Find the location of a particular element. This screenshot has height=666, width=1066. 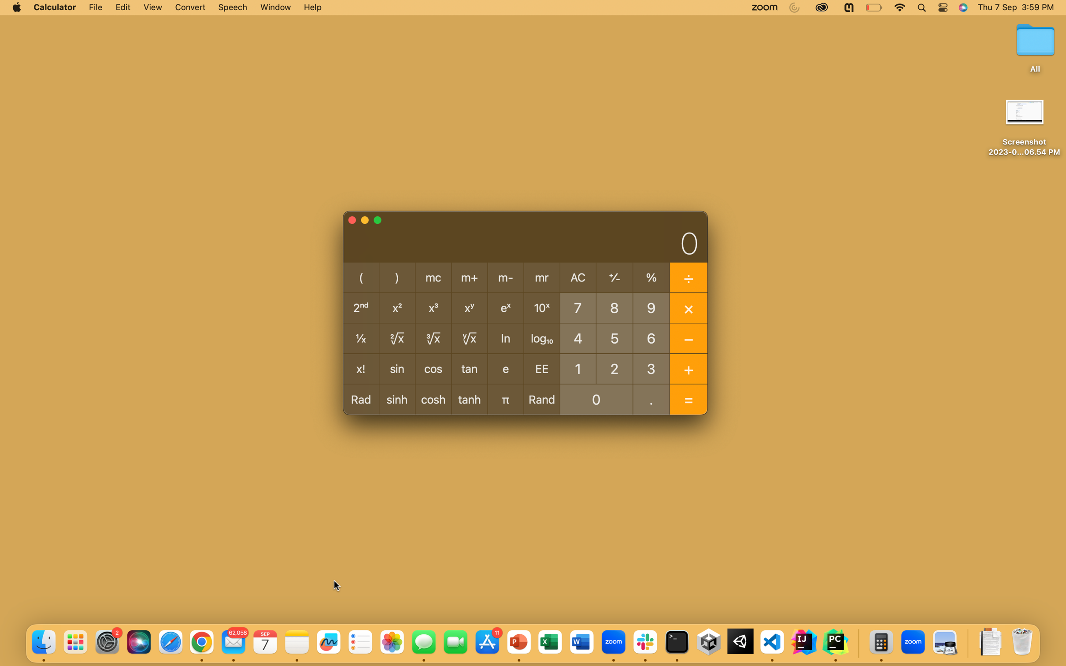

Calculate the product of 3 and 4 using multiplication operator is located at coordinates (651, 368).